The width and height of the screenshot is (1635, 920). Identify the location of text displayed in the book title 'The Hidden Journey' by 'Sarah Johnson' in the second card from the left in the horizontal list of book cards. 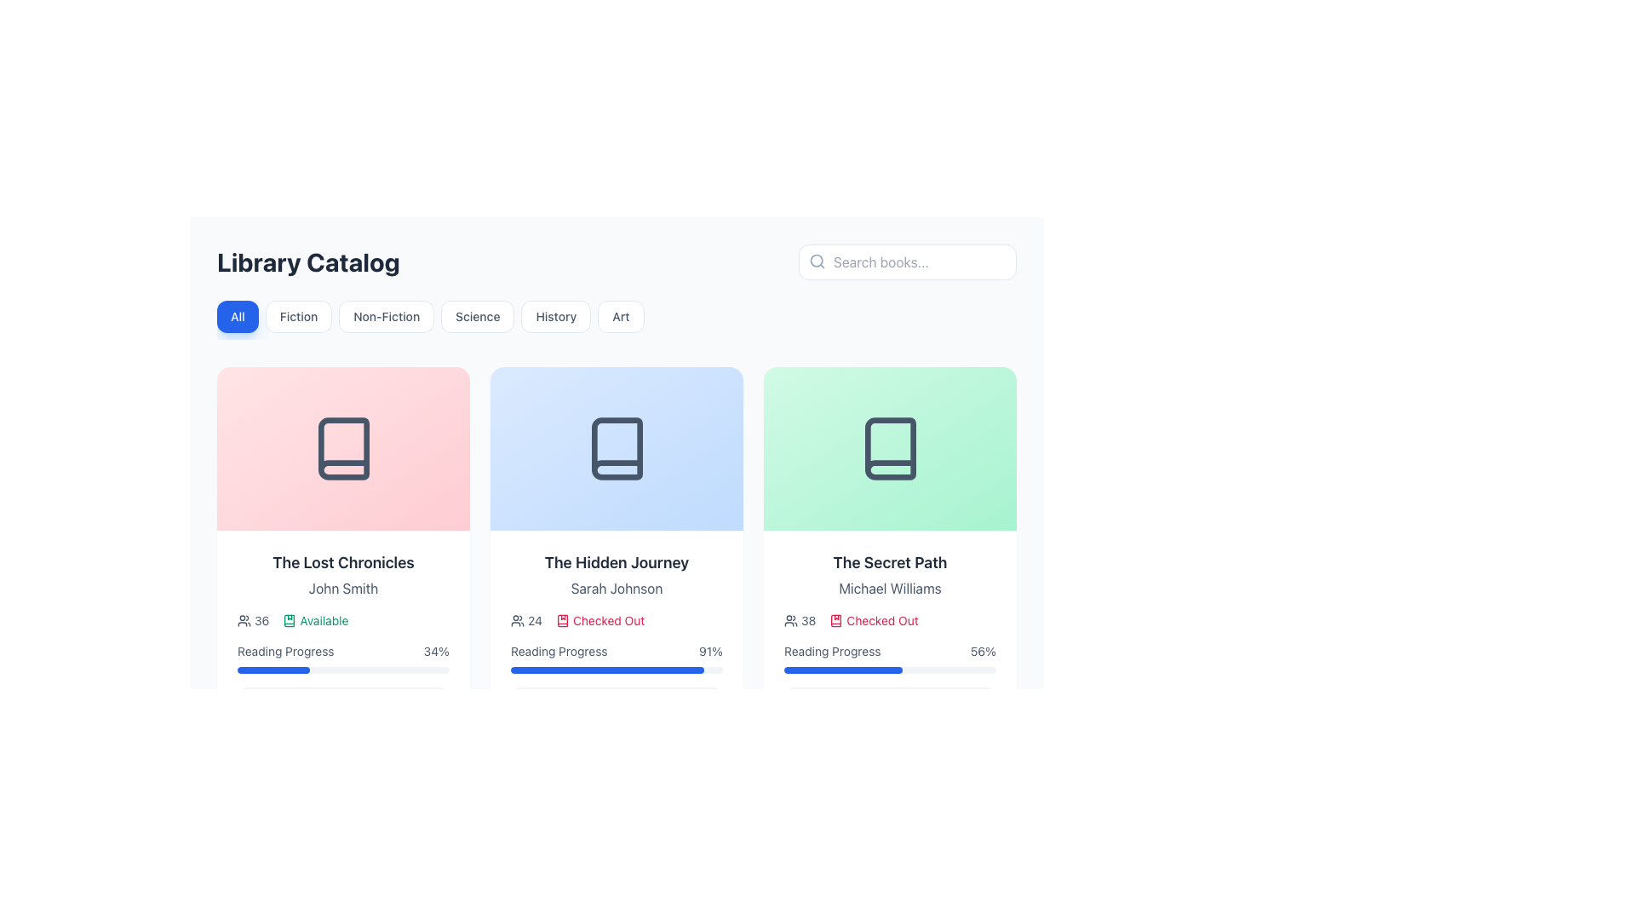
(616, 575).